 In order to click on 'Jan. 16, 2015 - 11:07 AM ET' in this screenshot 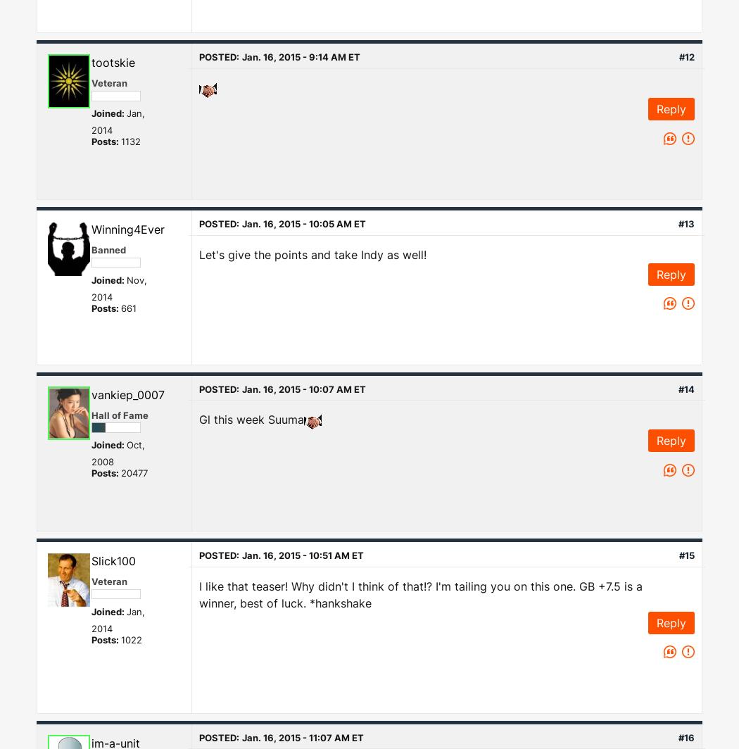, I will do `click(302, 736)`.